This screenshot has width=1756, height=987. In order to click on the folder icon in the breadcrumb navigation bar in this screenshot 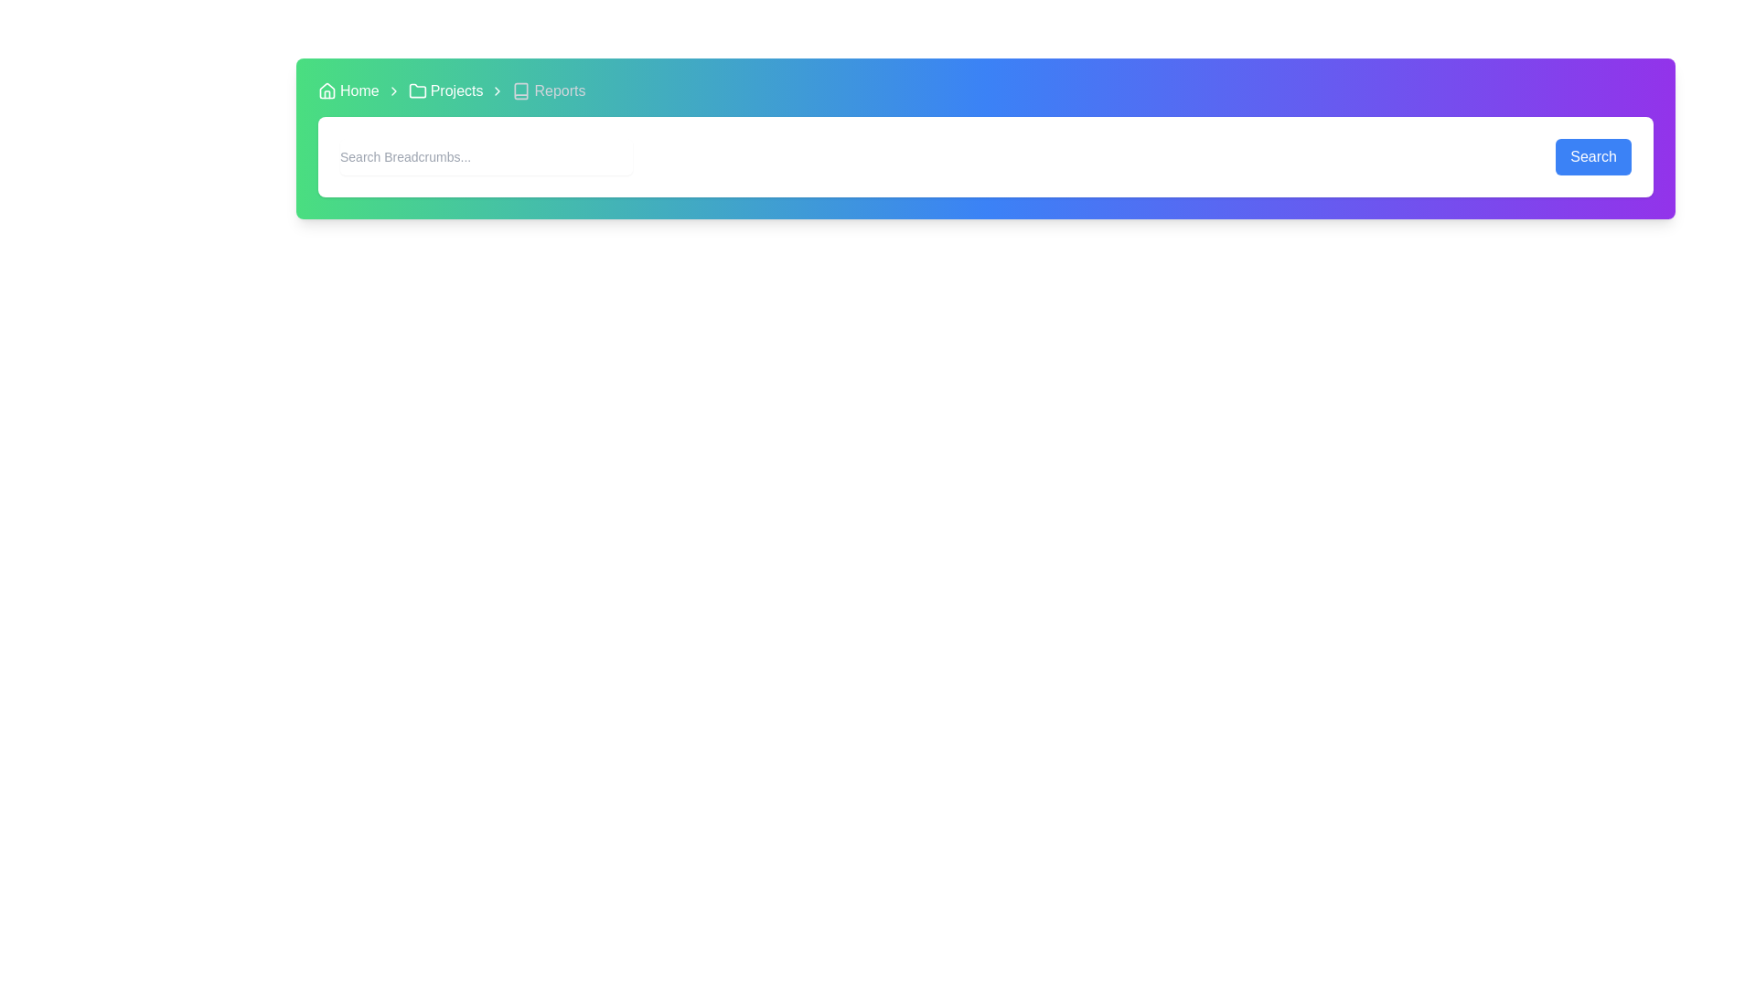, I will do `click(416, 90)`.